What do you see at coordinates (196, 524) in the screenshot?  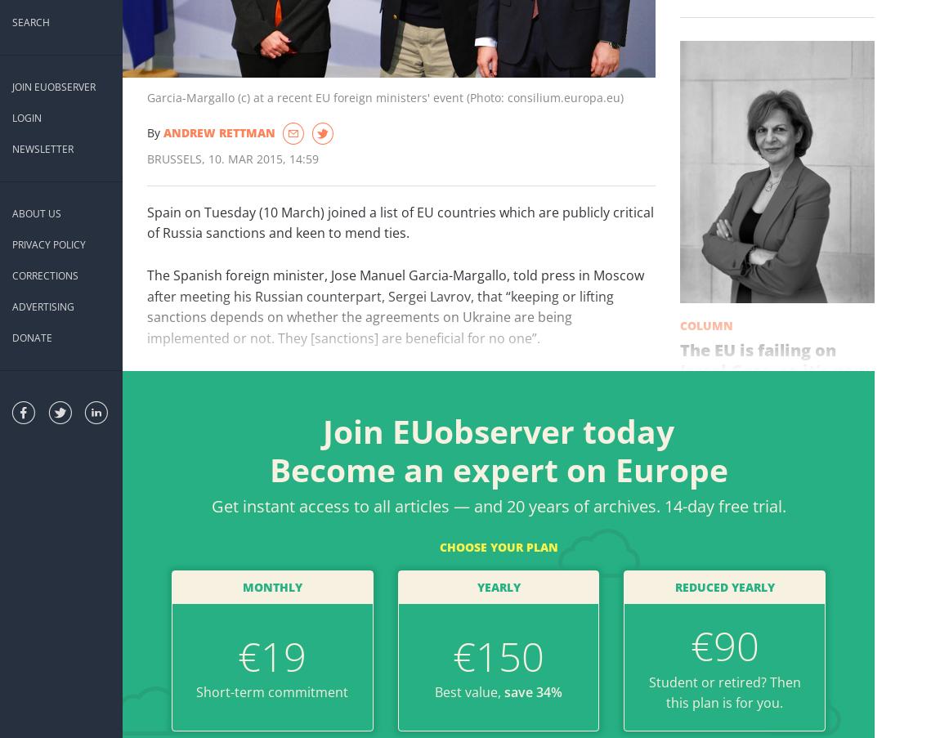 I see `'Related stories'` at bounding box center [196, 524].